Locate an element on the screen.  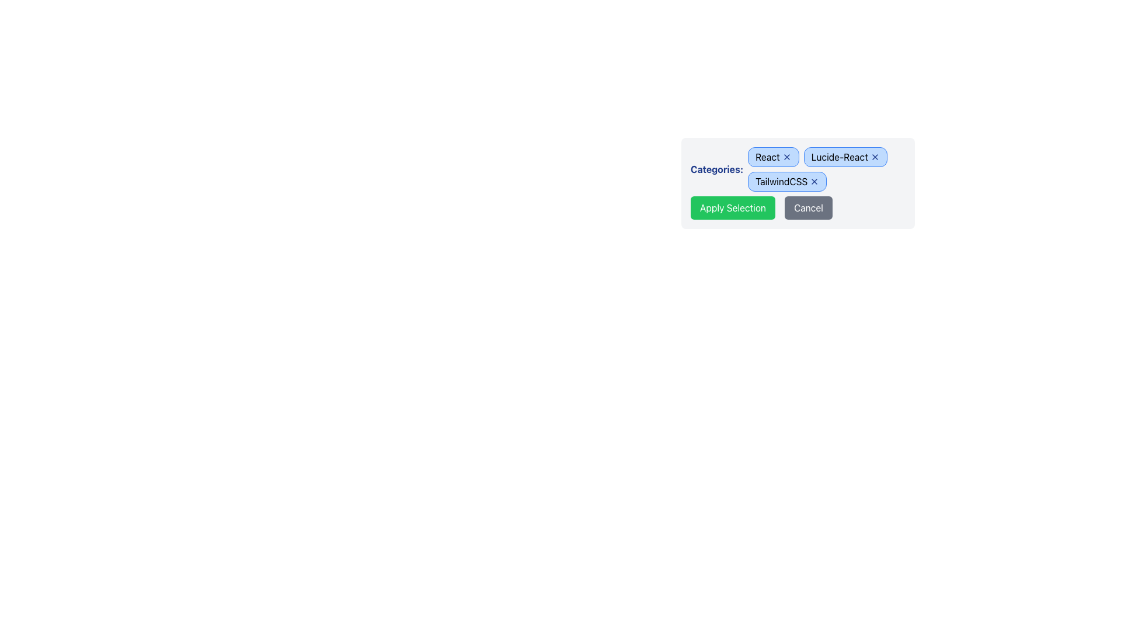
the 'Cancel' button with gray background and white text is located at coordinates (807, 207).